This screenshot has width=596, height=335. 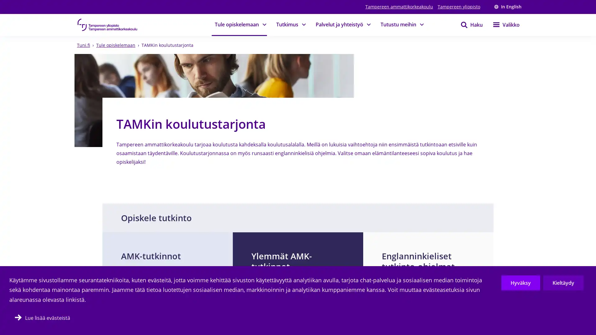 What do you see at coordinates (563, 282) in the screenshot?
I see `Kieltaydy` at bounding box center [563, 282].